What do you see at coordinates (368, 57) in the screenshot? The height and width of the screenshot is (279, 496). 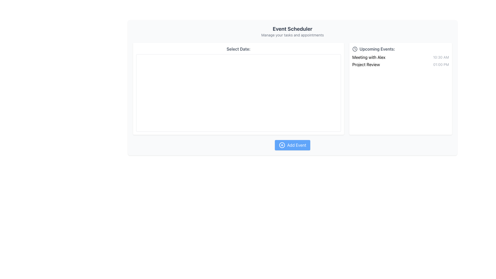 I see `the title of the first event in the 'Upcoming Events' section as a reference for interacting with related components` at bounding box center [368, 57].